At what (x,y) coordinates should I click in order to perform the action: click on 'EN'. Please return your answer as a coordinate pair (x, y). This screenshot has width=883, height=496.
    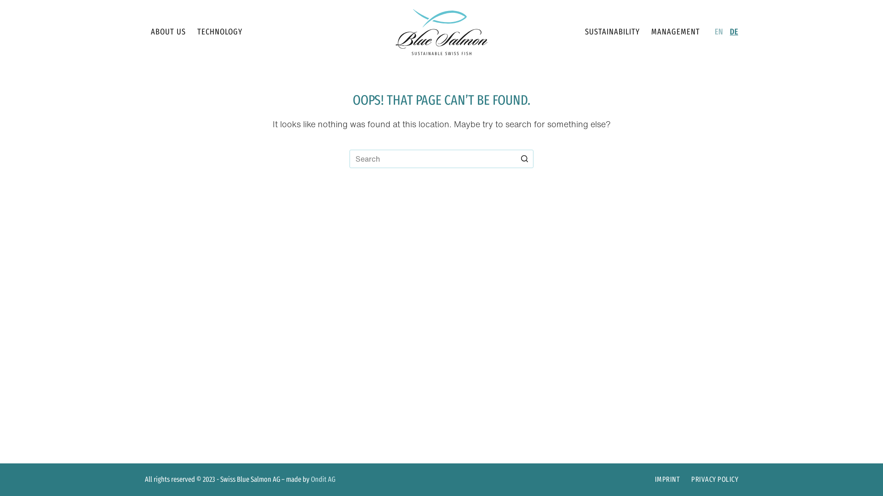
    Looking at the image, I should click on (714, 31).